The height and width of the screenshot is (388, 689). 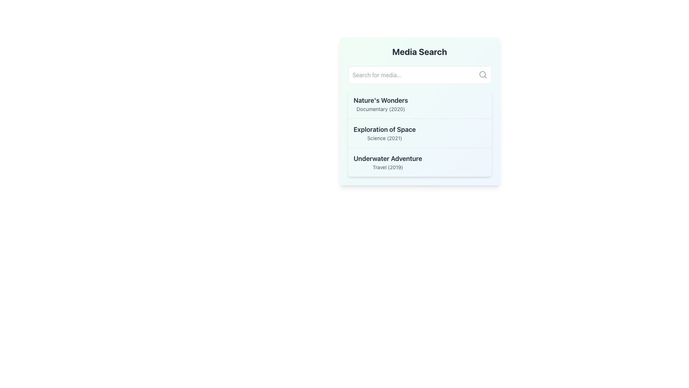 What do you see at coordinates (384, 133) in the screenshot?
I see `the list item titled 'Exploration of Space (2021)'` at bounding box center [384, 133].